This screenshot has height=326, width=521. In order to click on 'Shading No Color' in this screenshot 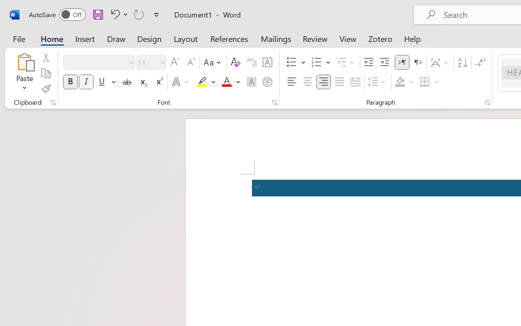, I will do `click(400, 82)`.